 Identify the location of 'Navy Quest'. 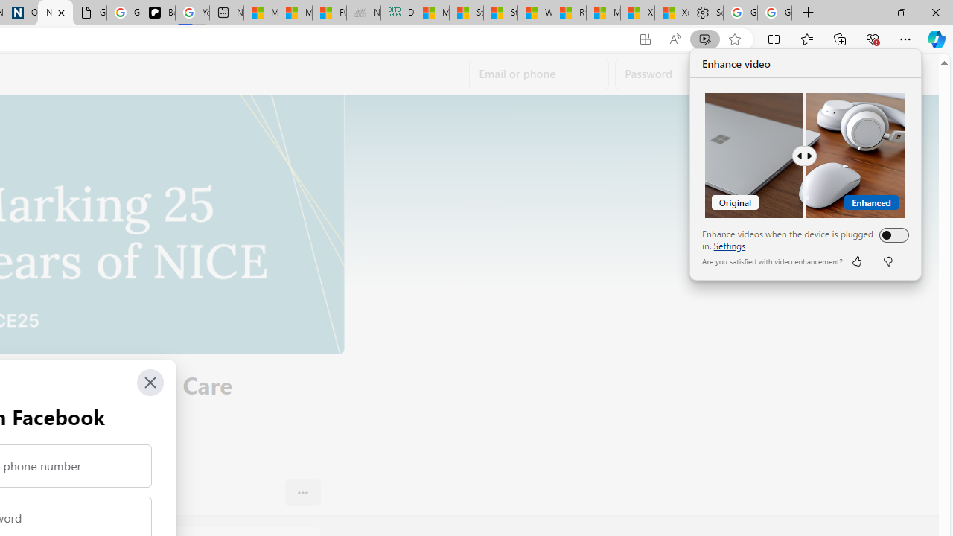
(363, 13).